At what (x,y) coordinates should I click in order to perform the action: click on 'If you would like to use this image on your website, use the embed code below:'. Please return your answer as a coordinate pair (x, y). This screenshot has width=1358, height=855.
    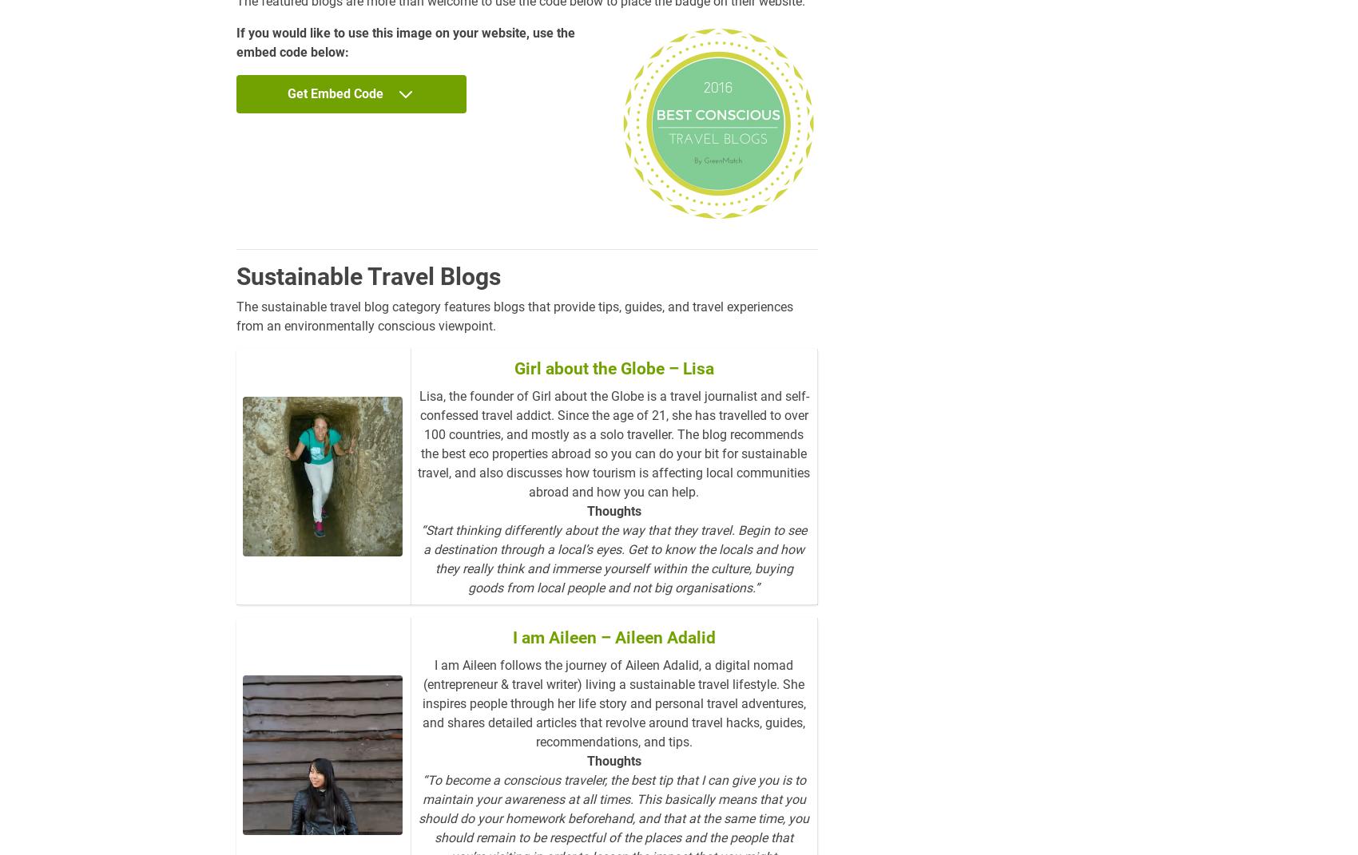
    Looking at the image, I should click on (405, 42).